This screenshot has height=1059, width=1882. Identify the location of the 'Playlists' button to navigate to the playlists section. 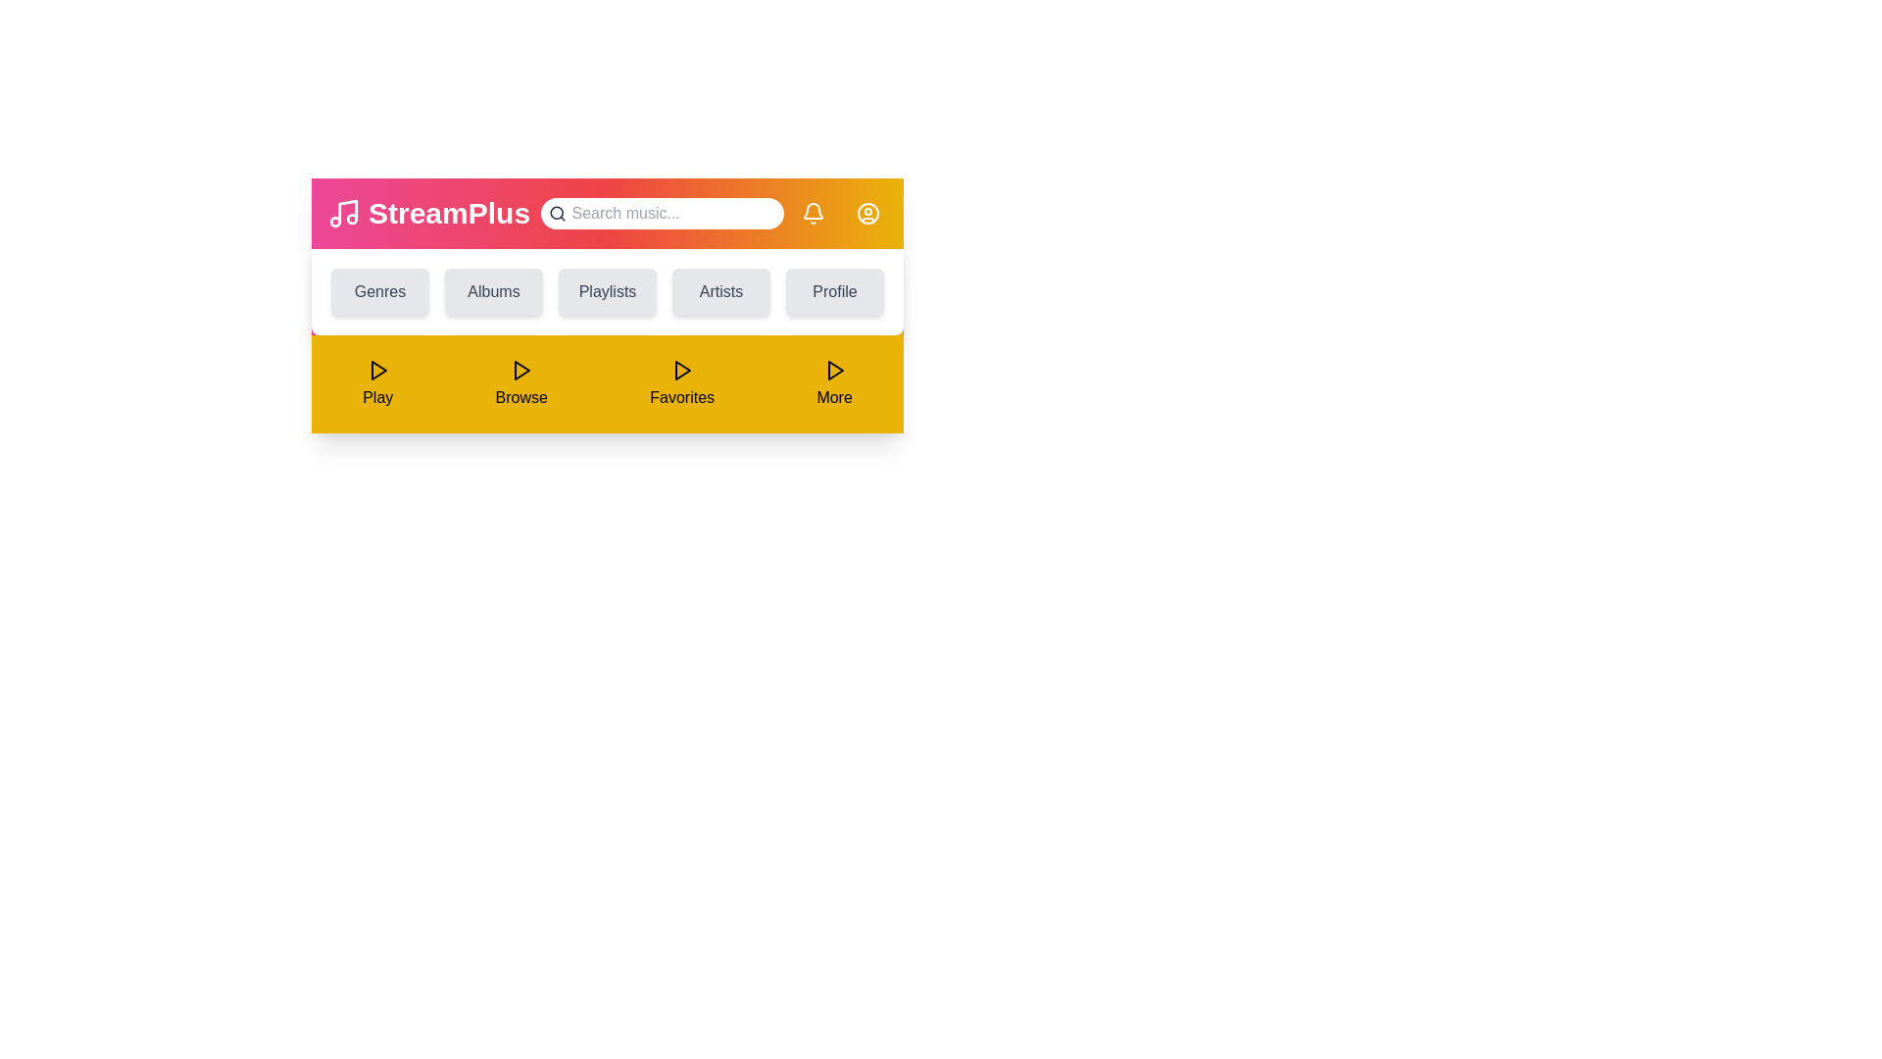
(606, 291).